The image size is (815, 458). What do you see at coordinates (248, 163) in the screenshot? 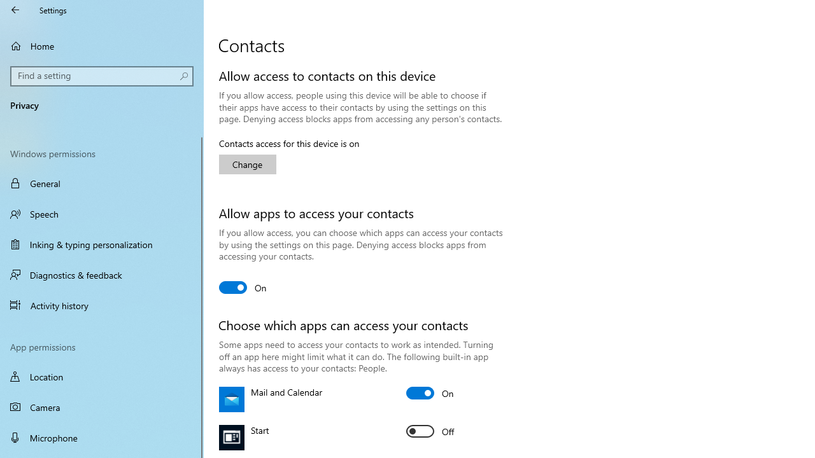
I see `'Change'` at bounding box center [248, 163].